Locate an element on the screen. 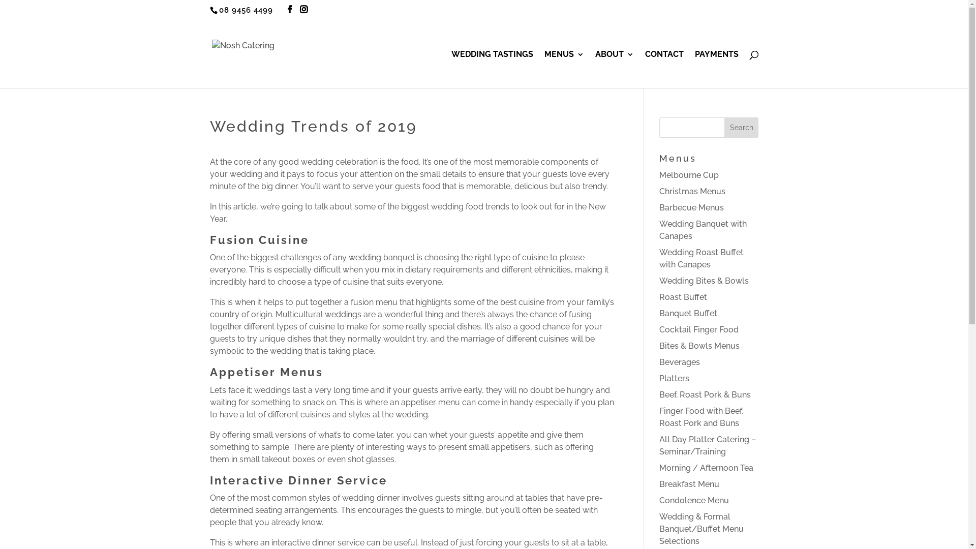  'MENUS' is located at coordinates (543, 69).